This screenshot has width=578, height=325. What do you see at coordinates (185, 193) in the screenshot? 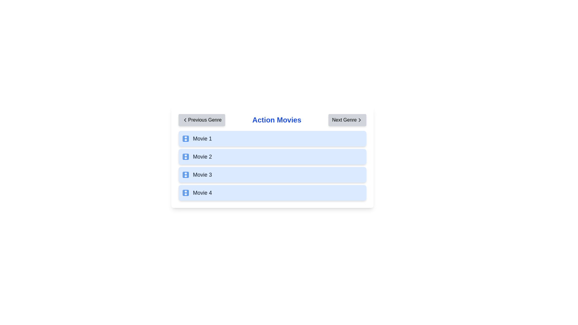
I see `the movie entry icon located in the fourth row of the list, preceding the text labeled 'Movie 4'` at bounding box center [185, 193].